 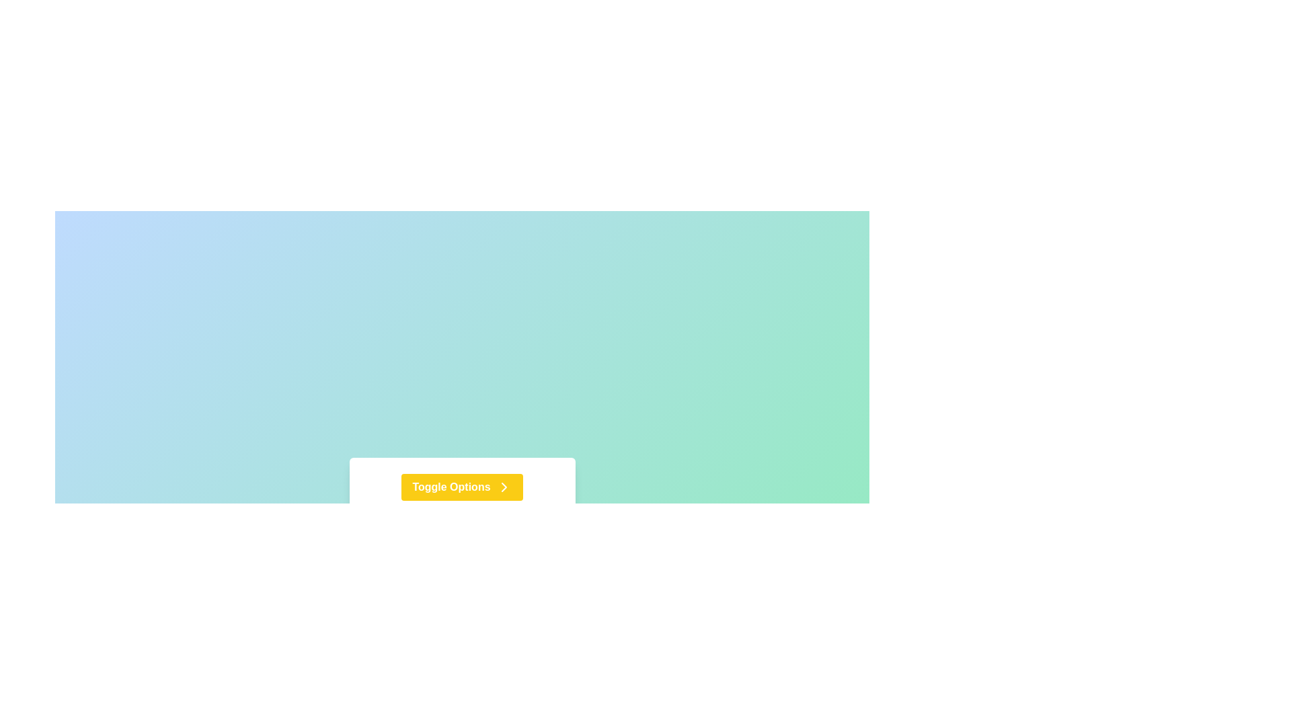 What do you see at coordinates (503, 487) in the screenshot?
I see `the chevron icon located to the right of the 'Toggle Options' button` at bounding box center [503, 487].